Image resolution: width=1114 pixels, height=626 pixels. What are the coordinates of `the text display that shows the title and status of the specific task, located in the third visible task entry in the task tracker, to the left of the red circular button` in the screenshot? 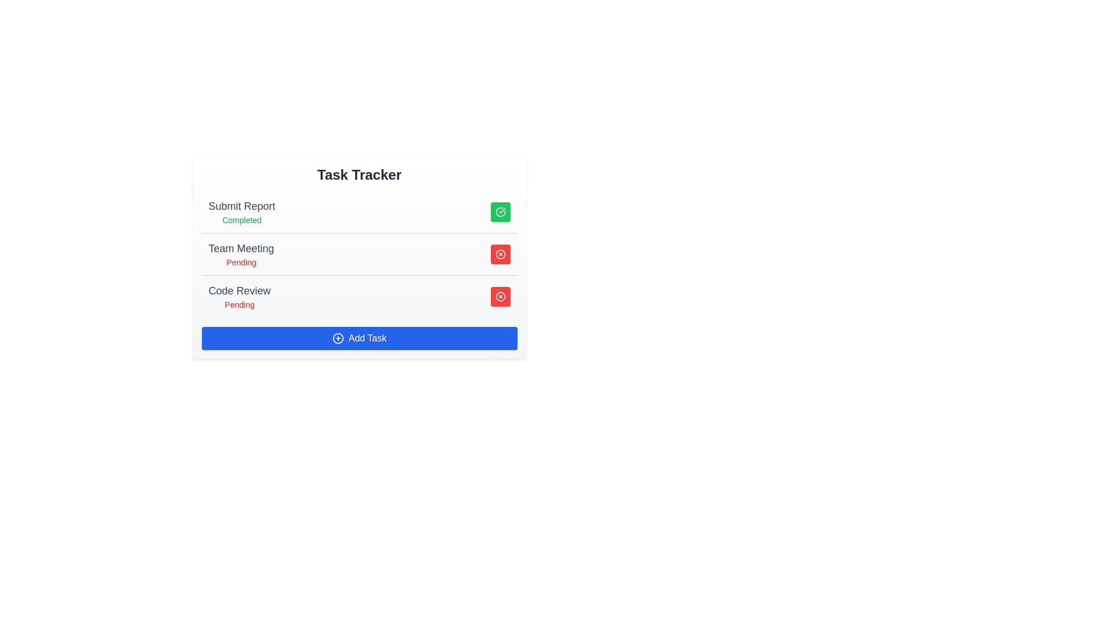 It's located at (238, 296).